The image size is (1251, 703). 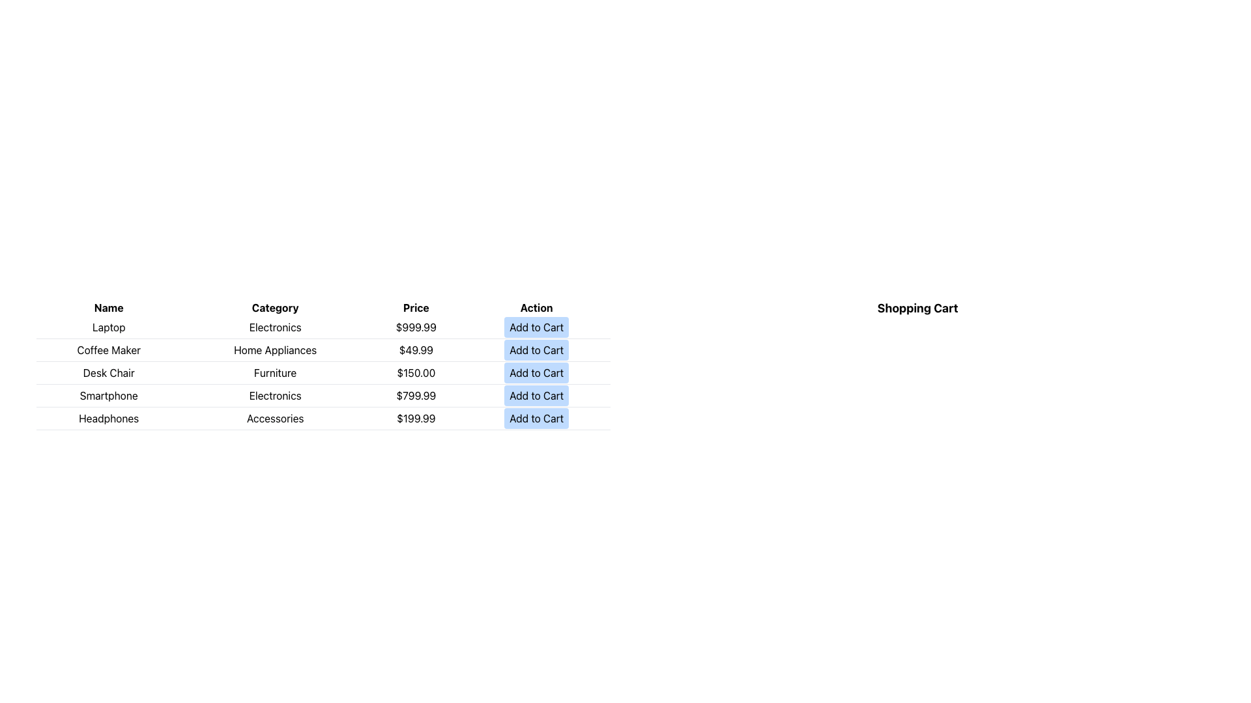 What do you see at coordinates (536, 326) in the screenshot?
I see `the 'Add to Cart' button for the 'Laptop' item located` at bounding box center [536, 326].